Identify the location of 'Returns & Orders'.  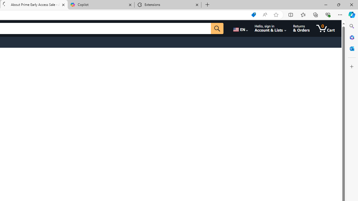
(305, 28).